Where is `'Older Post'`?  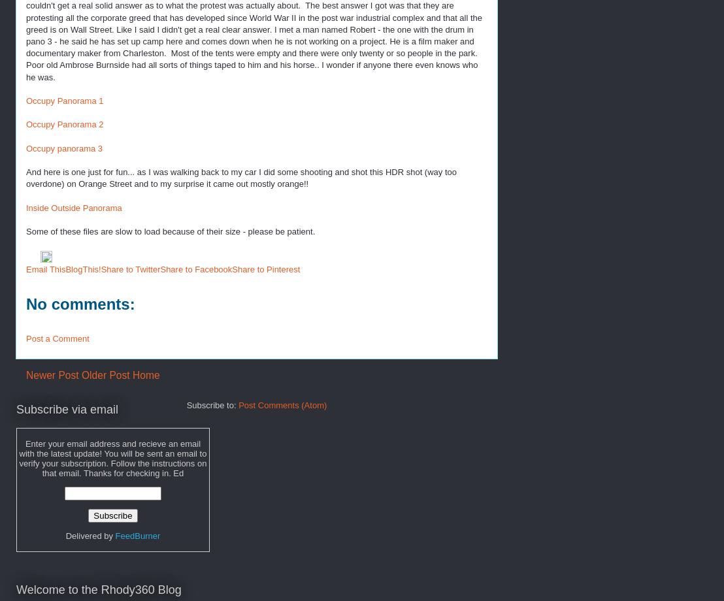
'Older Post' is located at coordinates (104, 375).